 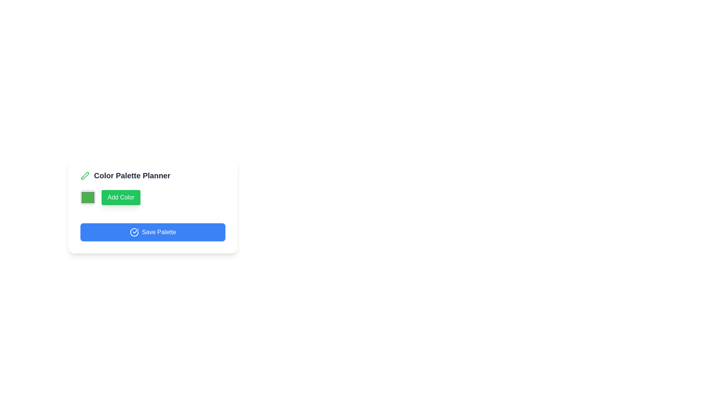 What do you see at coordinates (121, 197) in the screenshot?
I see `the 'Add Color' button, which has a green background, rounded corners, and white bold text centered on it, to observe the hover effects` at bounding box center [121, 197].